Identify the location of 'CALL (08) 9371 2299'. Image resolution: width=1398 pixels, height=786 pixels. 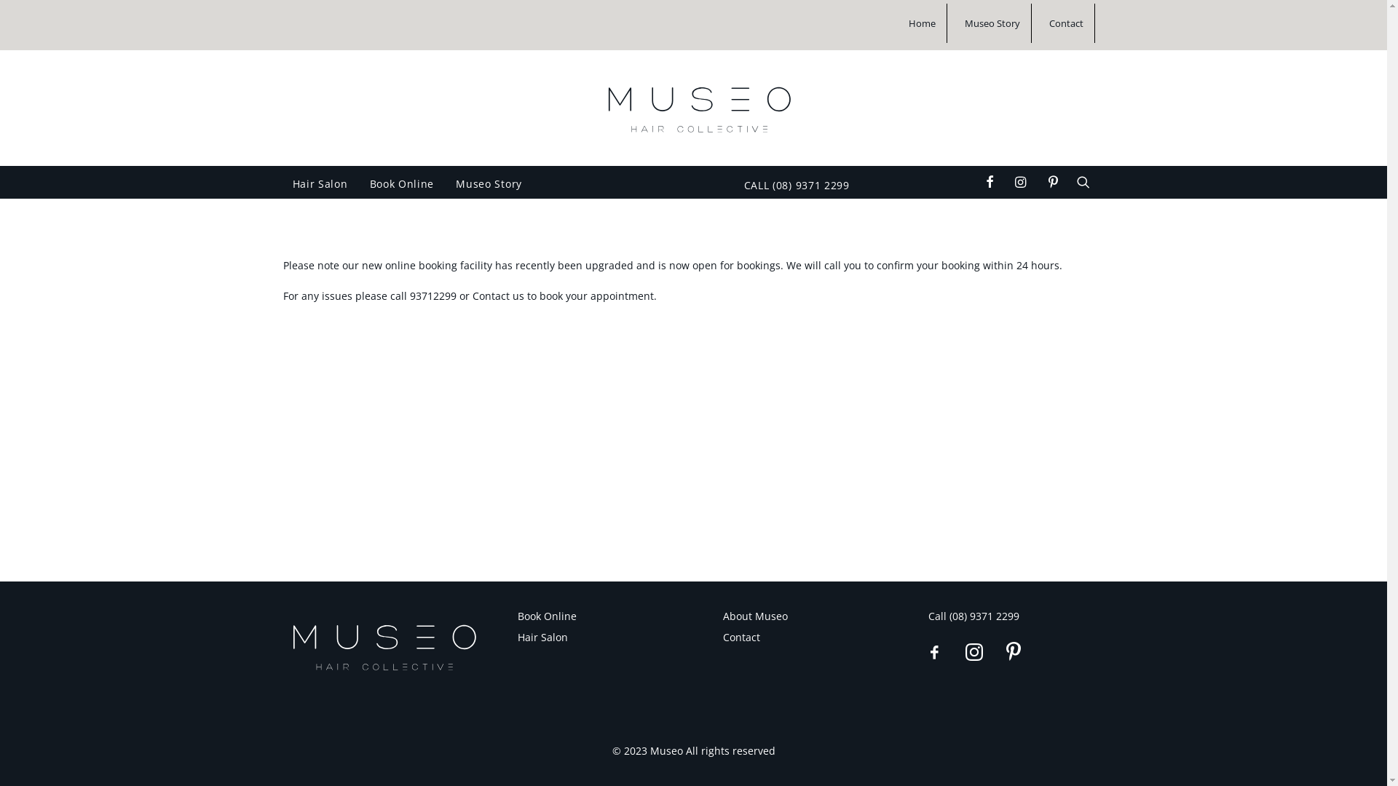
(790, 184).